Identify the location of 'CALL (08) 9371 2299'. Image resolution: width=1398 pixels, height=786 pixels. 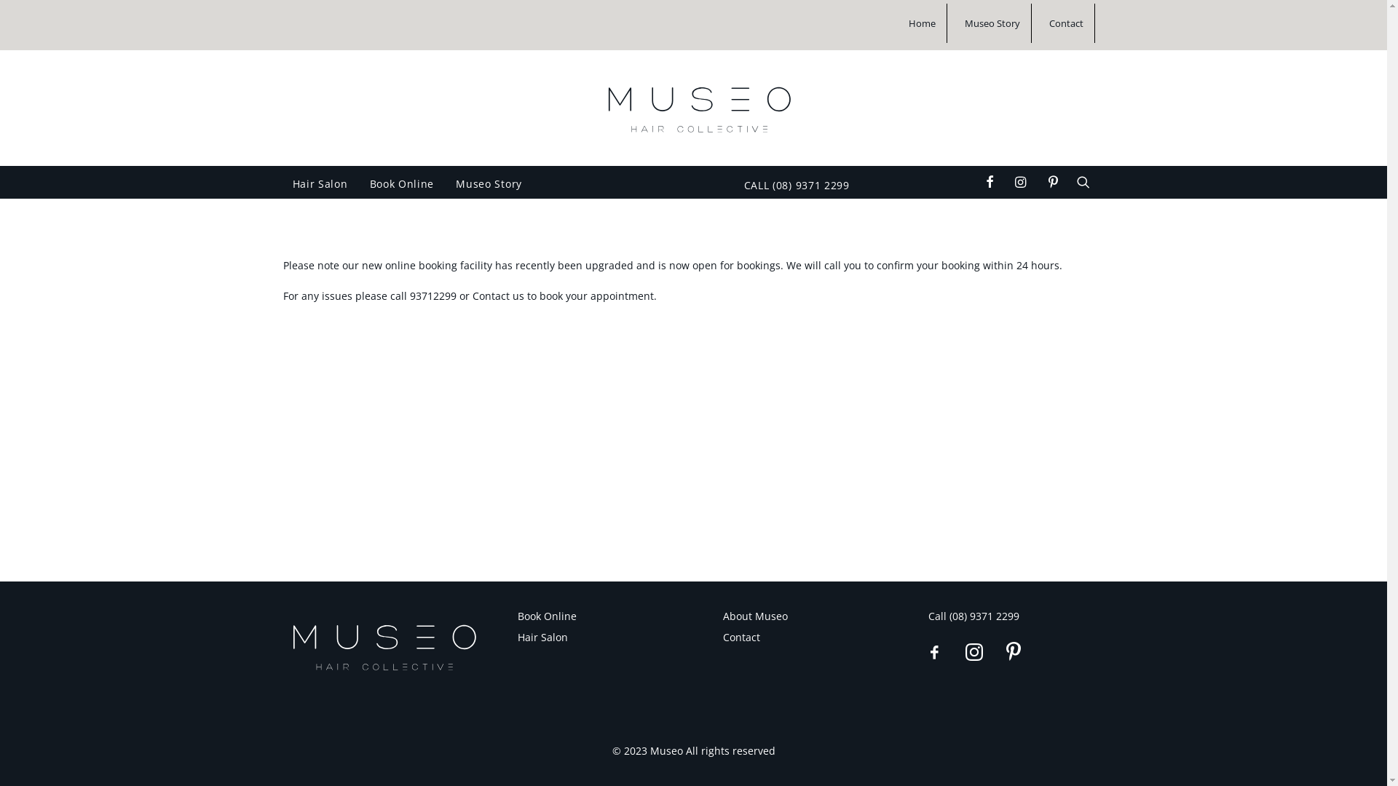
(790, 184).